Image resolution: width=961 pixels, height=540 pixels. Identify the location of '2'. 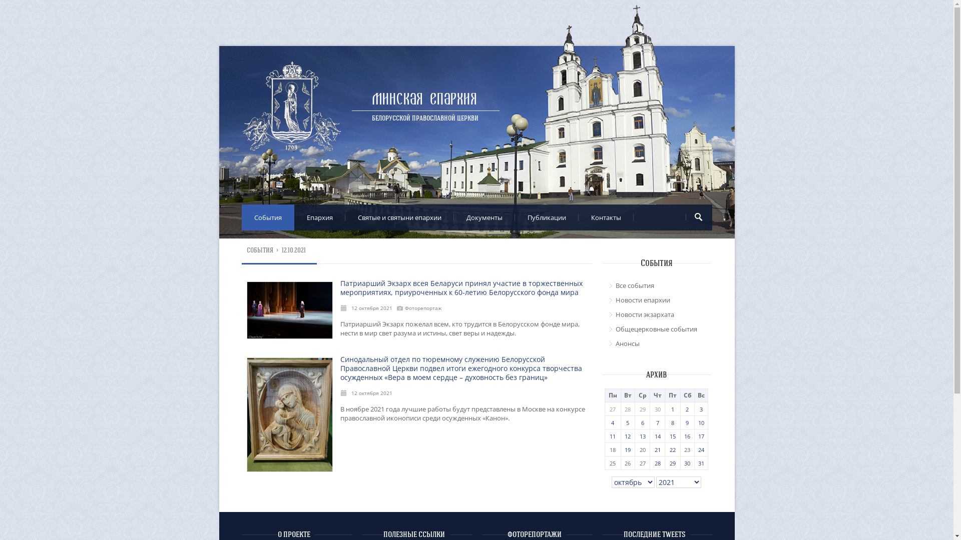
(686, 408).